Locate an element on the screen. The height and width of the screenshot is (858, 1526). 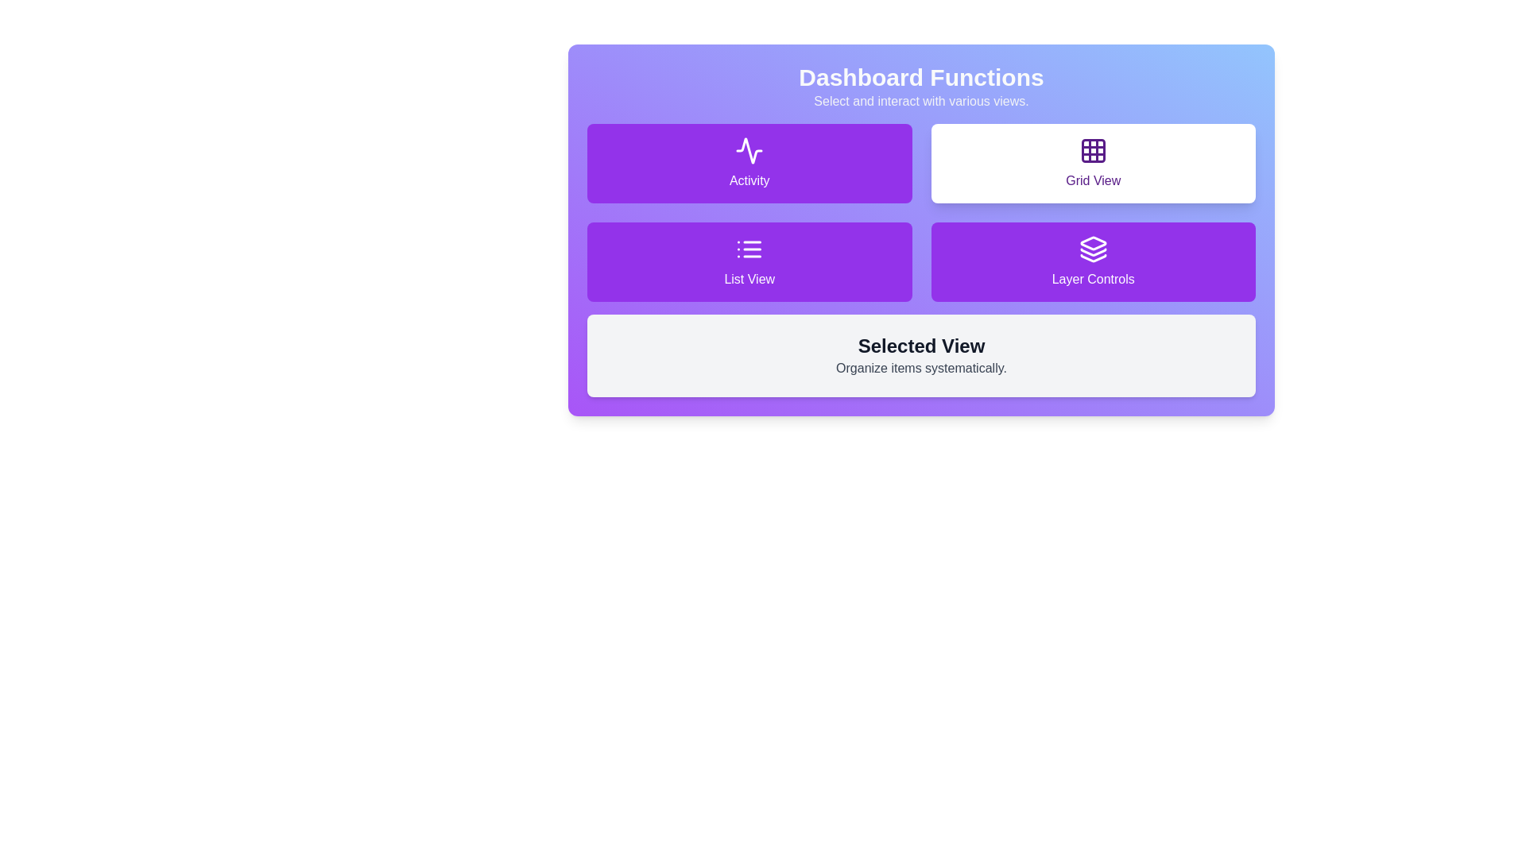
the Layer Controls icon, which is positioned above the text 'Layer Controls' in the lower-right corner of the Dashboard Functions interface is located at coordinates (1092, 249).